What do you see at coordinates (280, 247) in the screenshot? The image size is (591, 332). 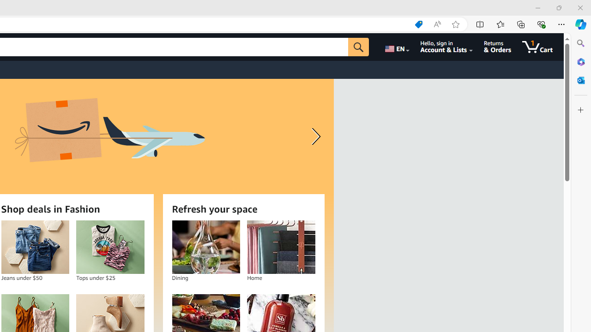 I see `'Home'` at bounding box center [280, 247].